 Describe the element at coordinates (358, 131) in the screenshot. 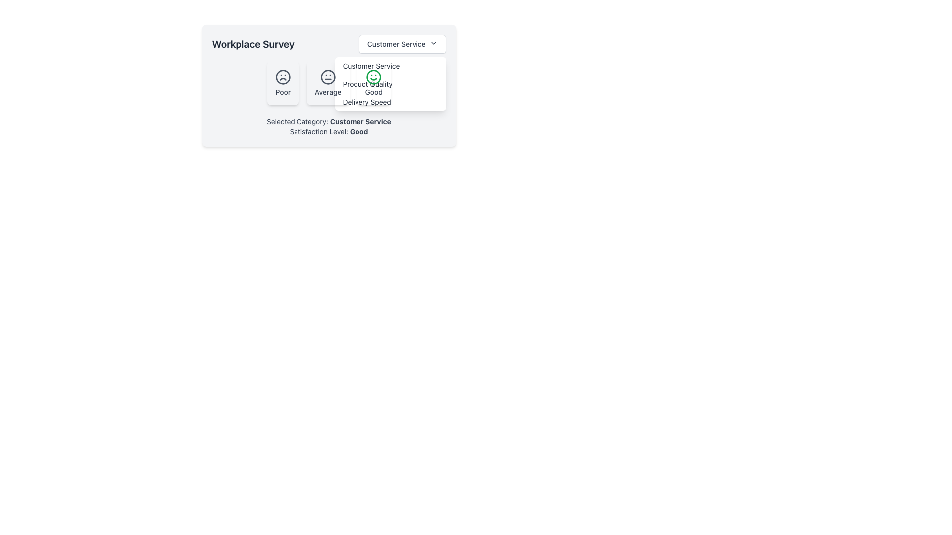

I see `the satisfaction level label displaying 'Good'` at that location.